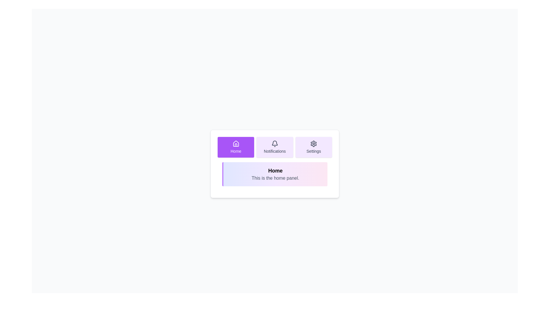  I want to click on label that describes the 'Settings' button, located at the bottom of the third clickable card in a row of three cards labeled 'Home', 'Notifications', and 'Settings', so click(313, 151).